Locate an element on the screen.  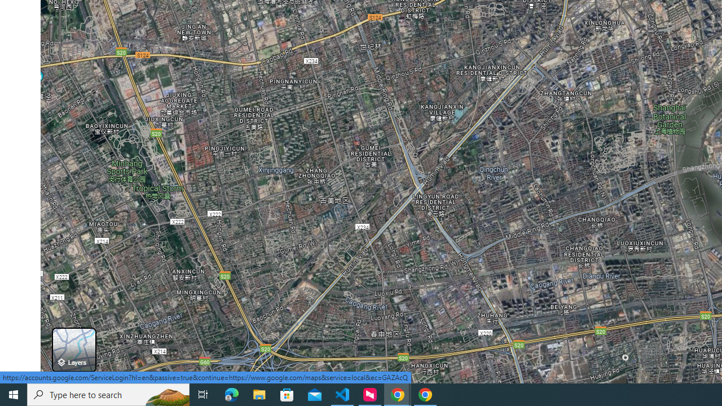
'Layers' is located at coordinates (73, 349).